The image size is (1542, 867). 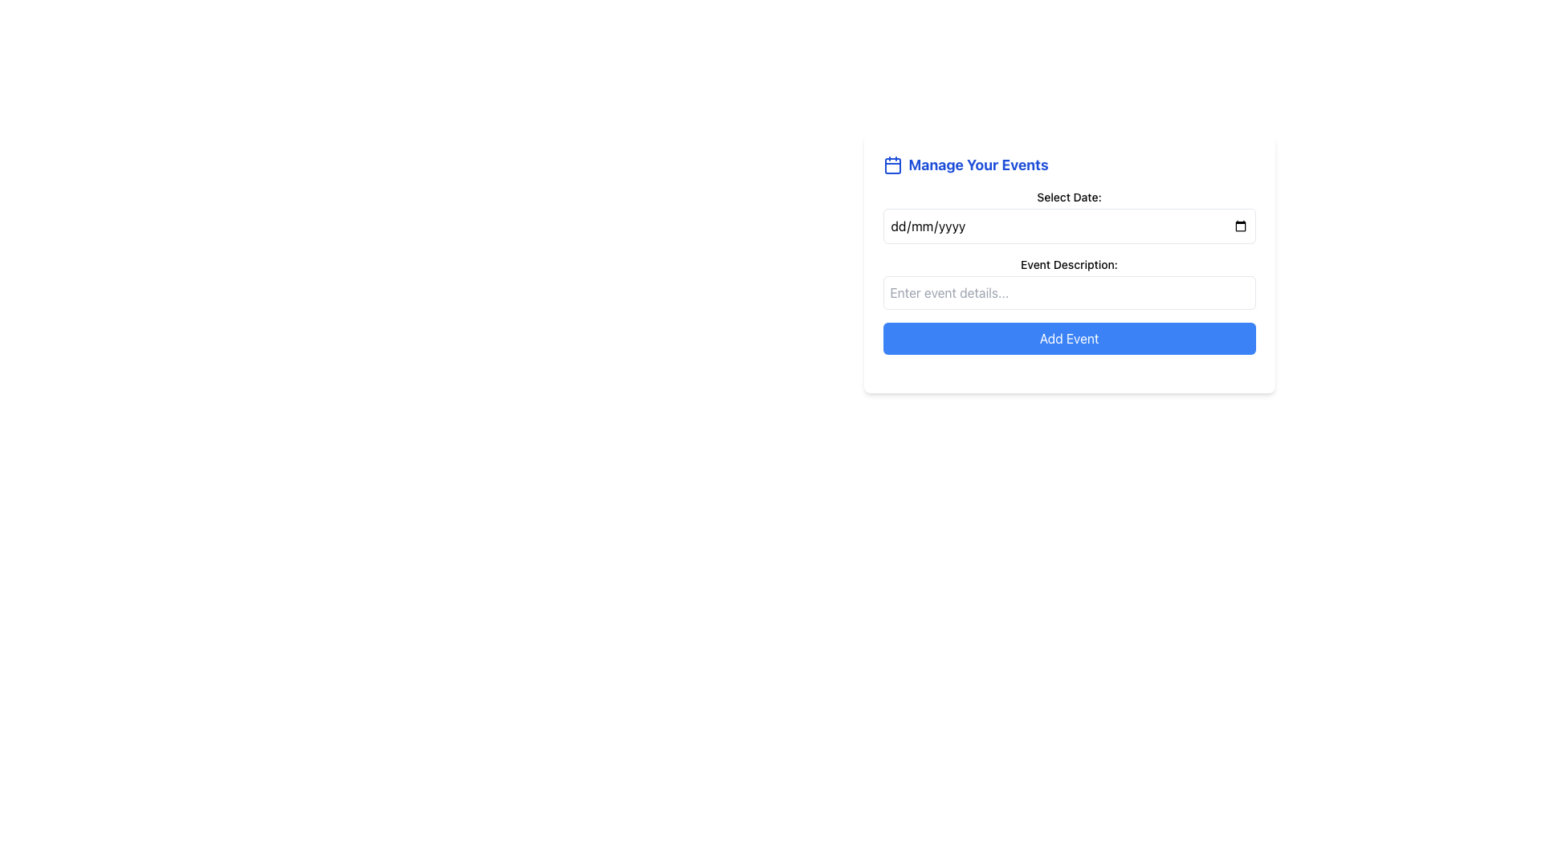 I want to click on the rectangular element with rounded edges that is part of the calendar icon, located centrally within the icon and to the left of the text 'Manage Your Events', so click(x=891, y=166).